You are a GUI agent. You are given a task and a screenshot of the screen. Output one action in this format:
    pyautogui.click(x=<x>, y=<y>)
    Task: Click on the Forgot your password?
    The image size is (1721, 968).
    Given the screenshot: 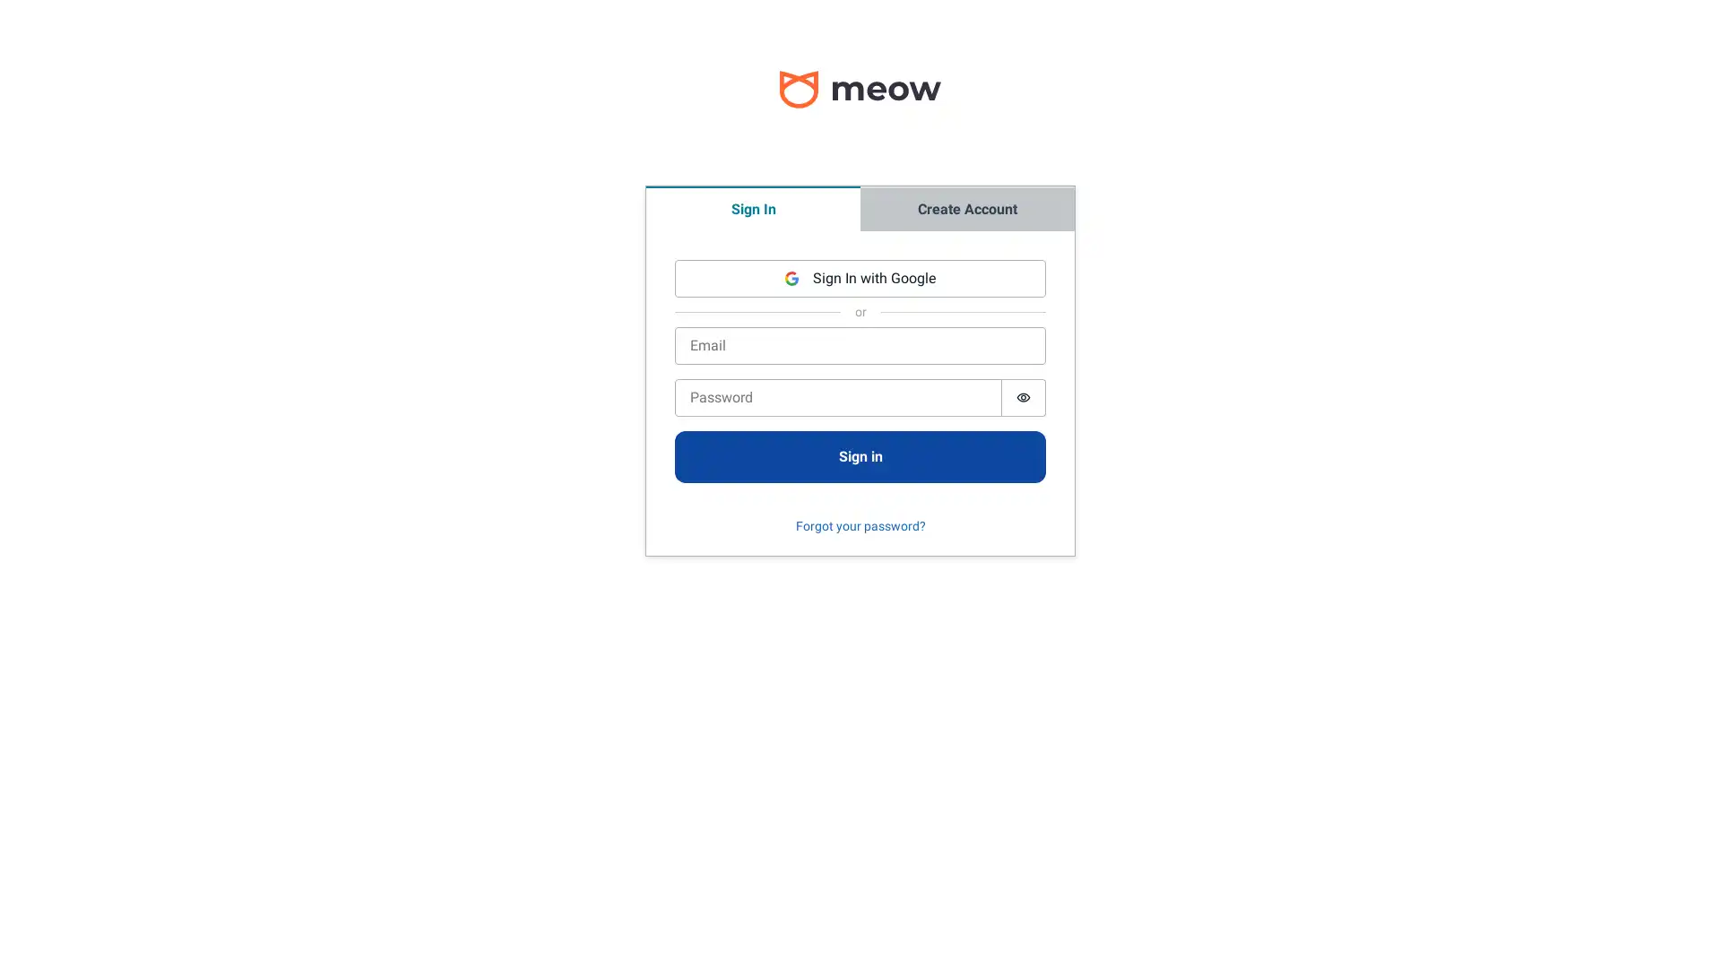 What is the action you would take?
    pyautogui.click(x=859, y=525)
    